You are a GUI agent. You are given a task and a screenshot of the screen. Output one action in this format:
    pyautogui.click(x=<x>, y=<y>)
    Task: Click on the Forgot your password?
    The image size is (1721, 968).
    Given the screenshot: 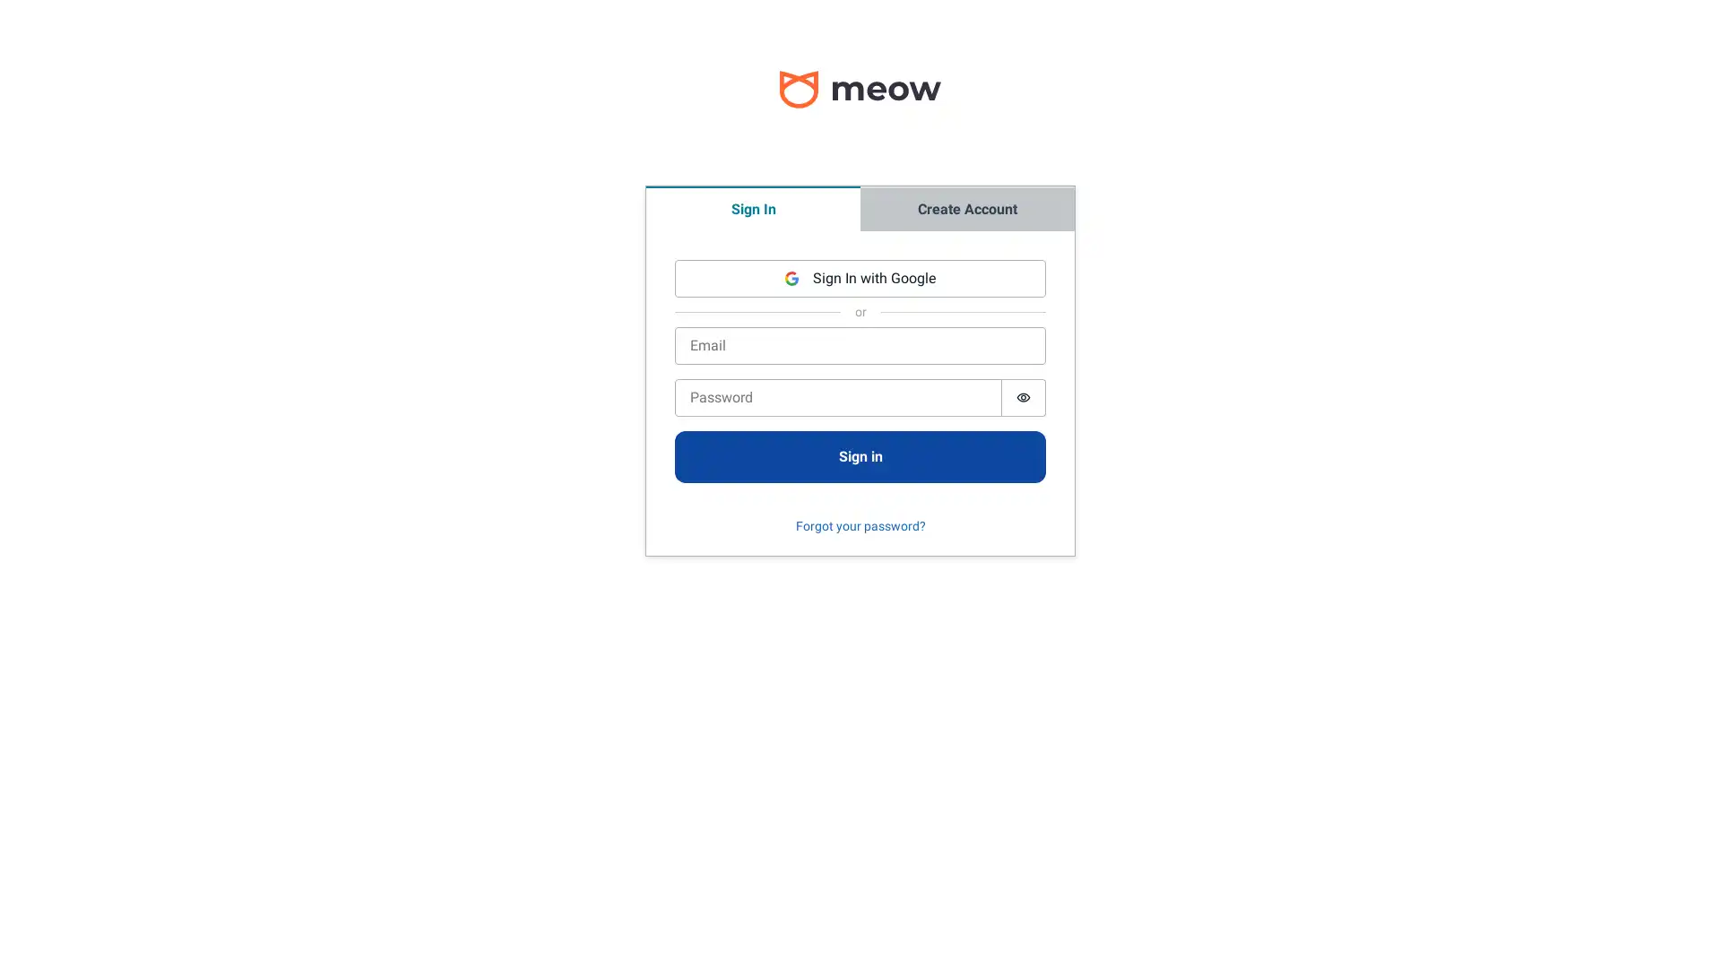 What is the action you would take?
    pyautogui.click(x=859, y=525)
    